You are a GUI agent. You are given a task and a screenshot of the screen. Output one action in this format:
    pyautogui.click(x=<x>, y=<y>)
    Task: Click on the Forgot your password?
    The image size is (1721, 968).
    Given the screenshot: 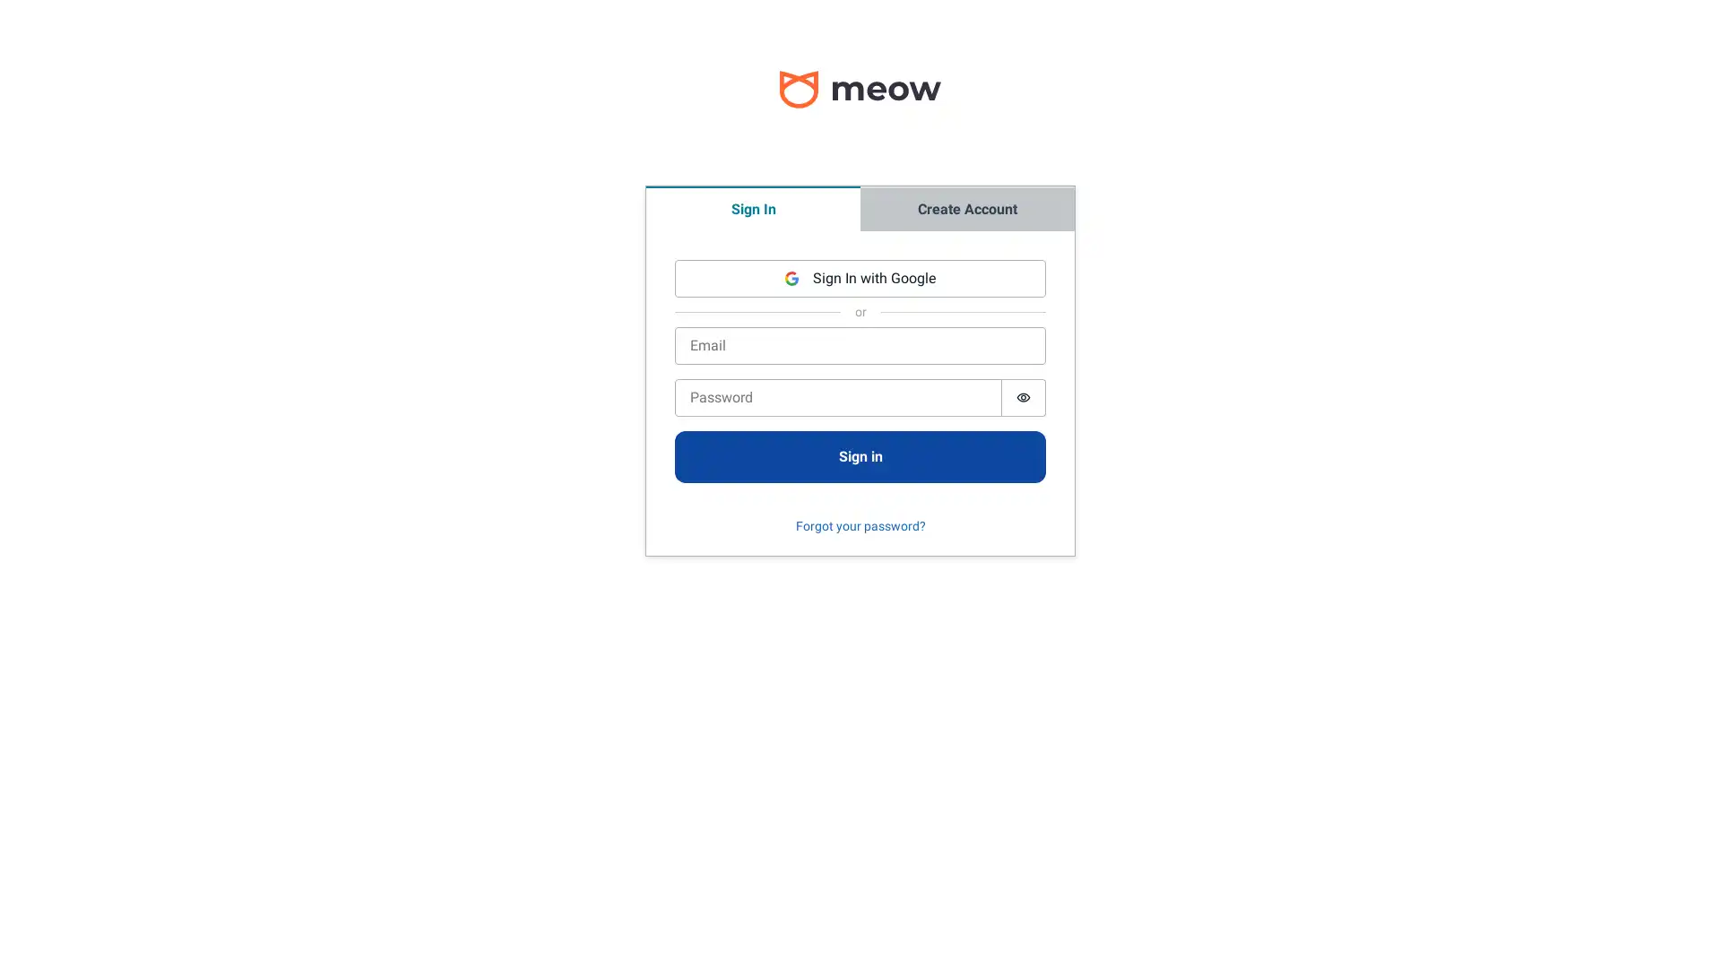 What is the action you would take?
    pyautogui.click(x=859, y=525)
    